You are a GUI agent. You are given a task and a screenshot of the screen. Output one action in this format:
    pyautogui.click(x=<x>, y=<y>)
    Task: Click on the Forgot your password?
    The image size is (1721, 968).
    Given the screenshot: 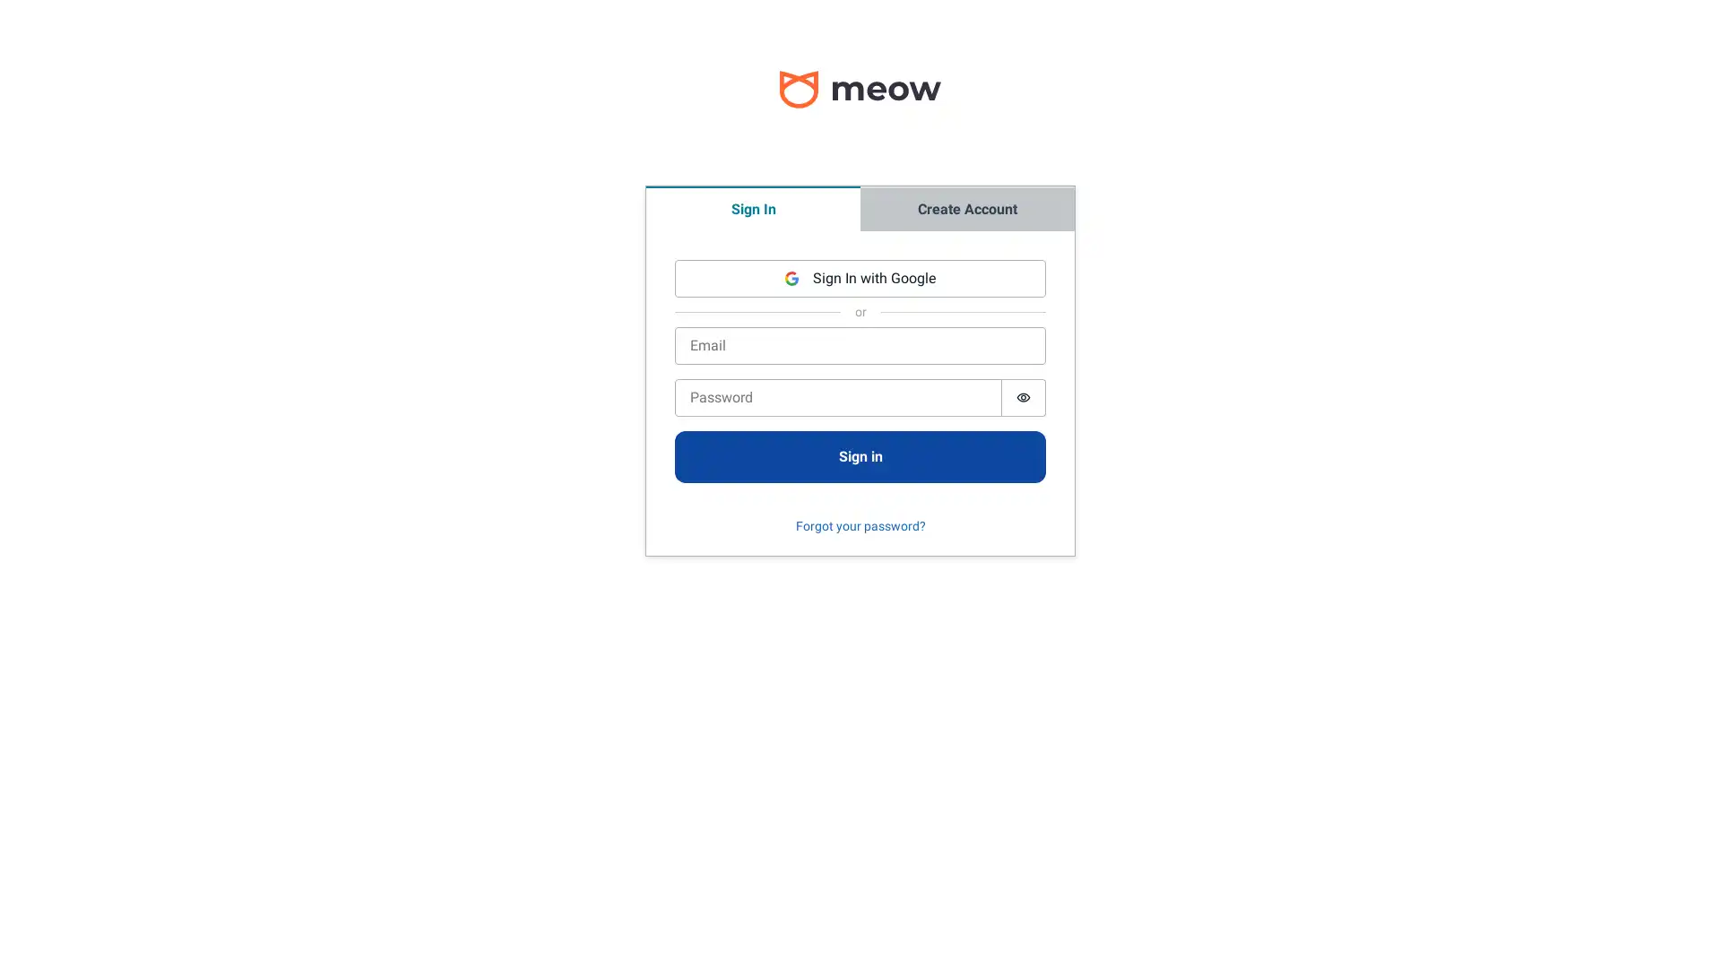 What is the action you would take?
    pyautogui.click(x=859, y=525)
    